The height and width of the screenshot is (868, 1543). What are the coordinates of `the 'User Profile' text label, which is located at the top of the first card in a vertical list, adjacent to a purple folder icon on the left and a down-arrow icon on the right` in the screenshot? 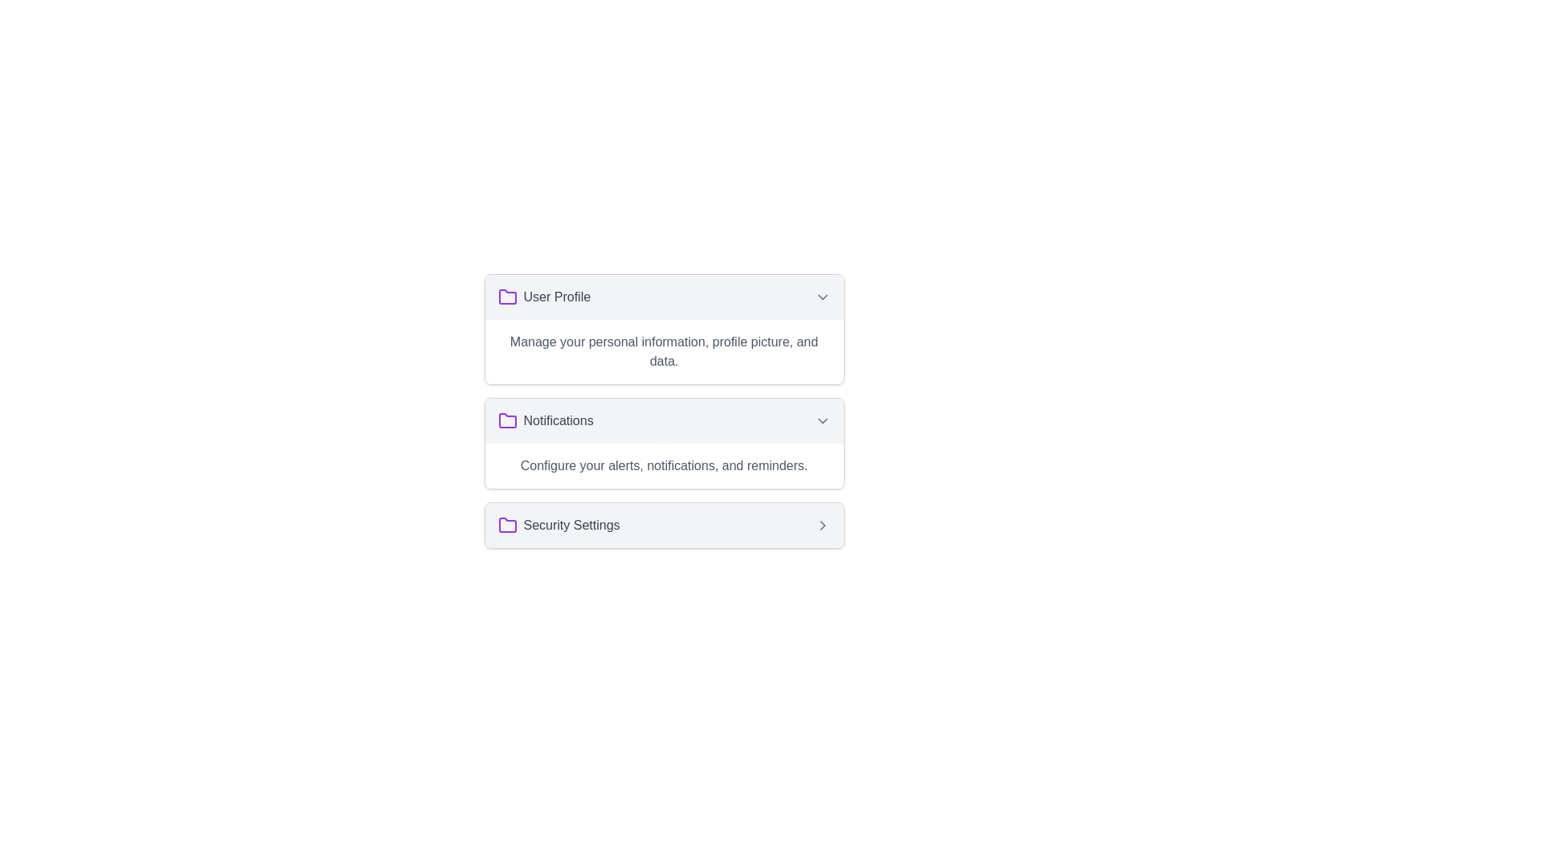 It's located at (557, 297).